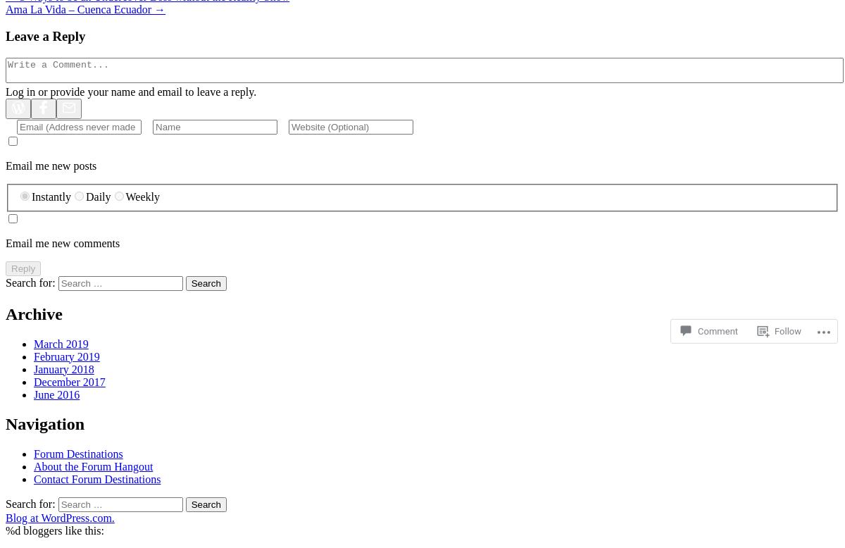 Image resolution: width=845 pixels, height=548 pixels. What do you see at coordinates (63, 368) in the screenshot?
I see `'January 2018'` at bounding box center [63, 368].